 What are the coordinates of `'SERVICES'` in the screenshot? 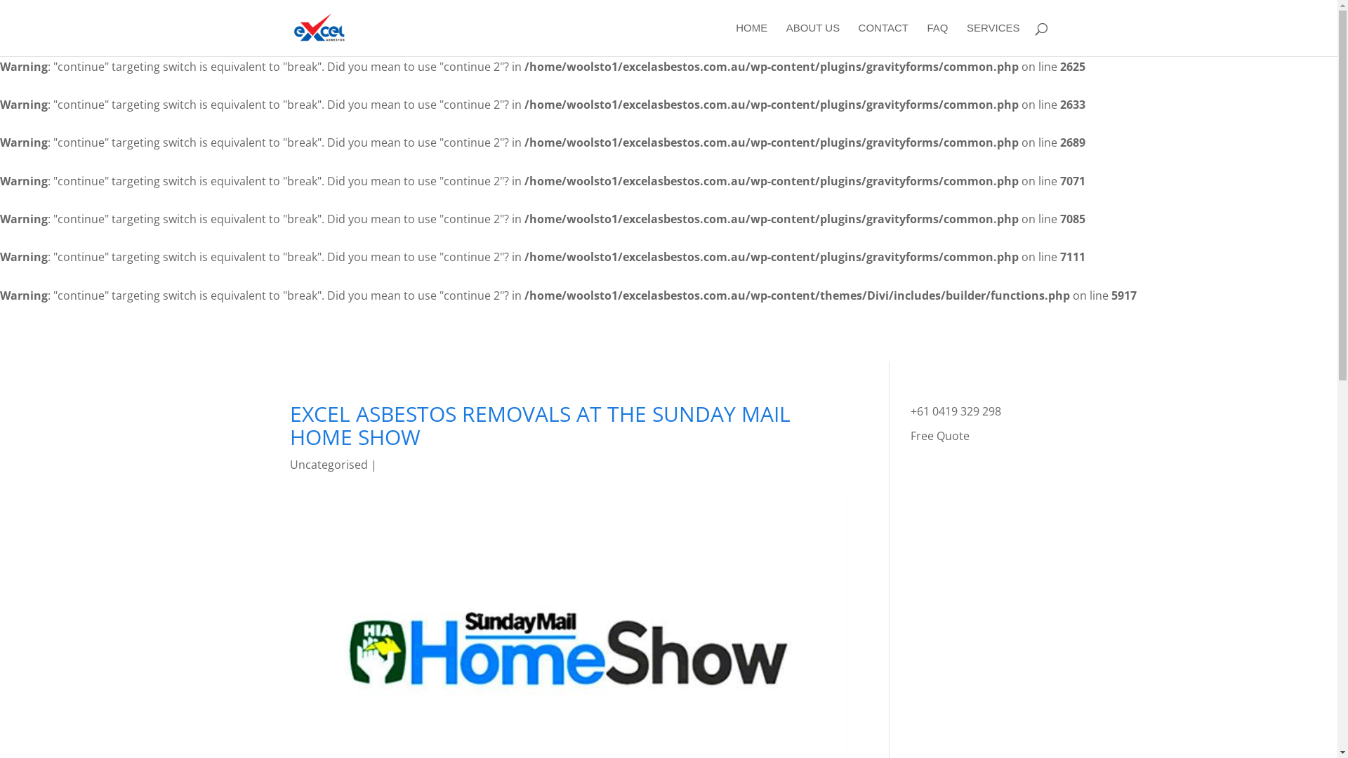 It's located at (993, 39).